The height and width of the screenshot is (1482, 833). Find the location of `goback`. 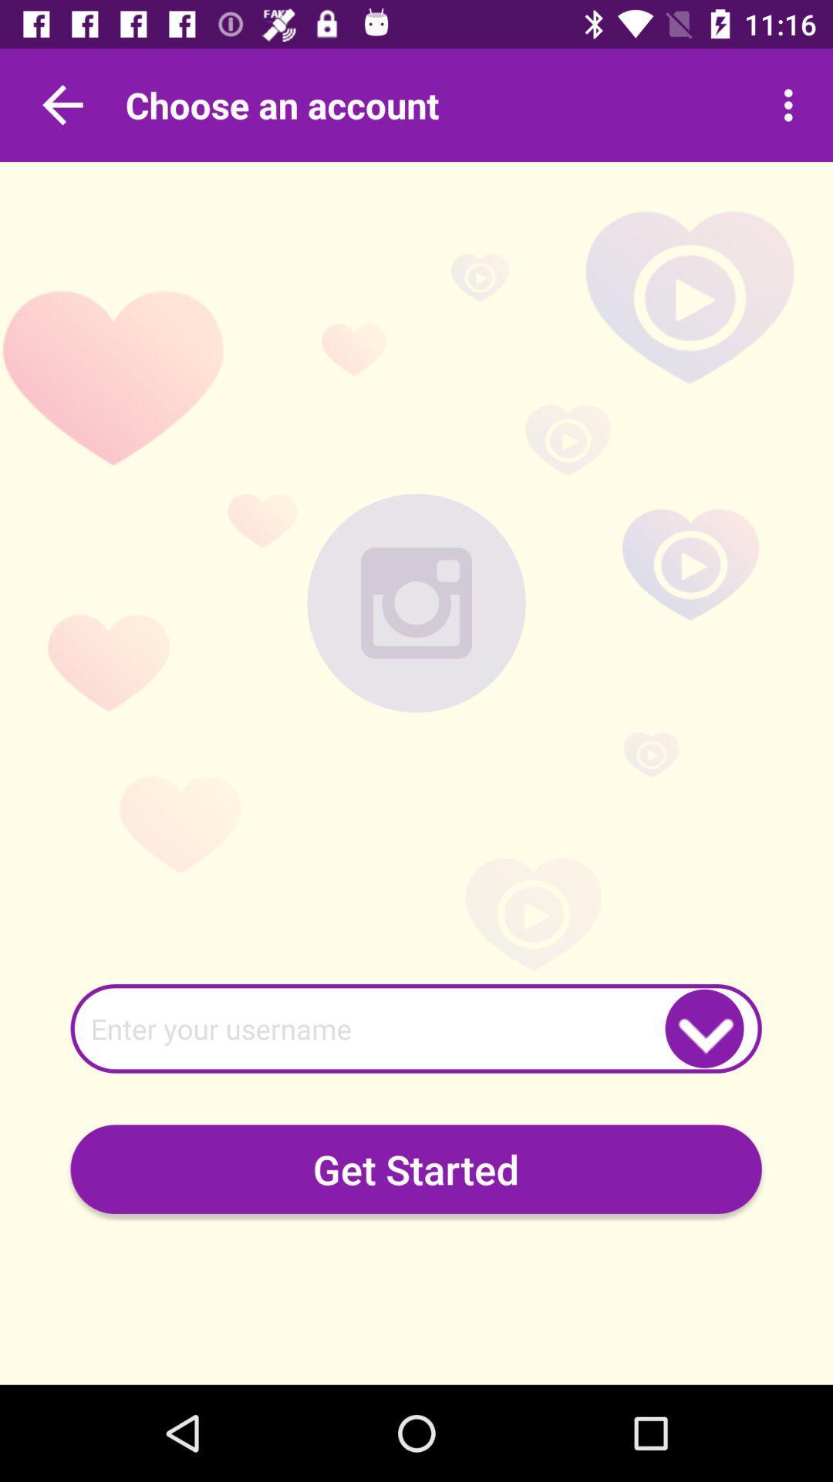

goback is located at coordinates (62, 104).